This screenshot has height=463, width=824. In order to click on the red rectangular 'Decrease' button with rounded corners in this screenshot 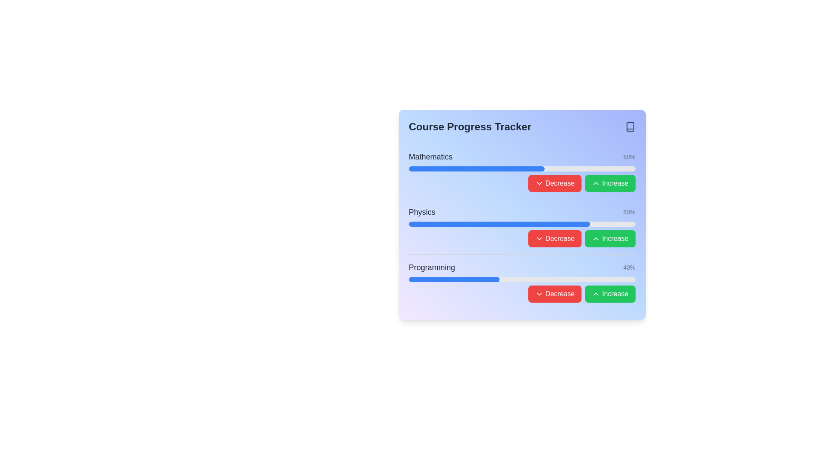, I will do `click(554, 183)`.